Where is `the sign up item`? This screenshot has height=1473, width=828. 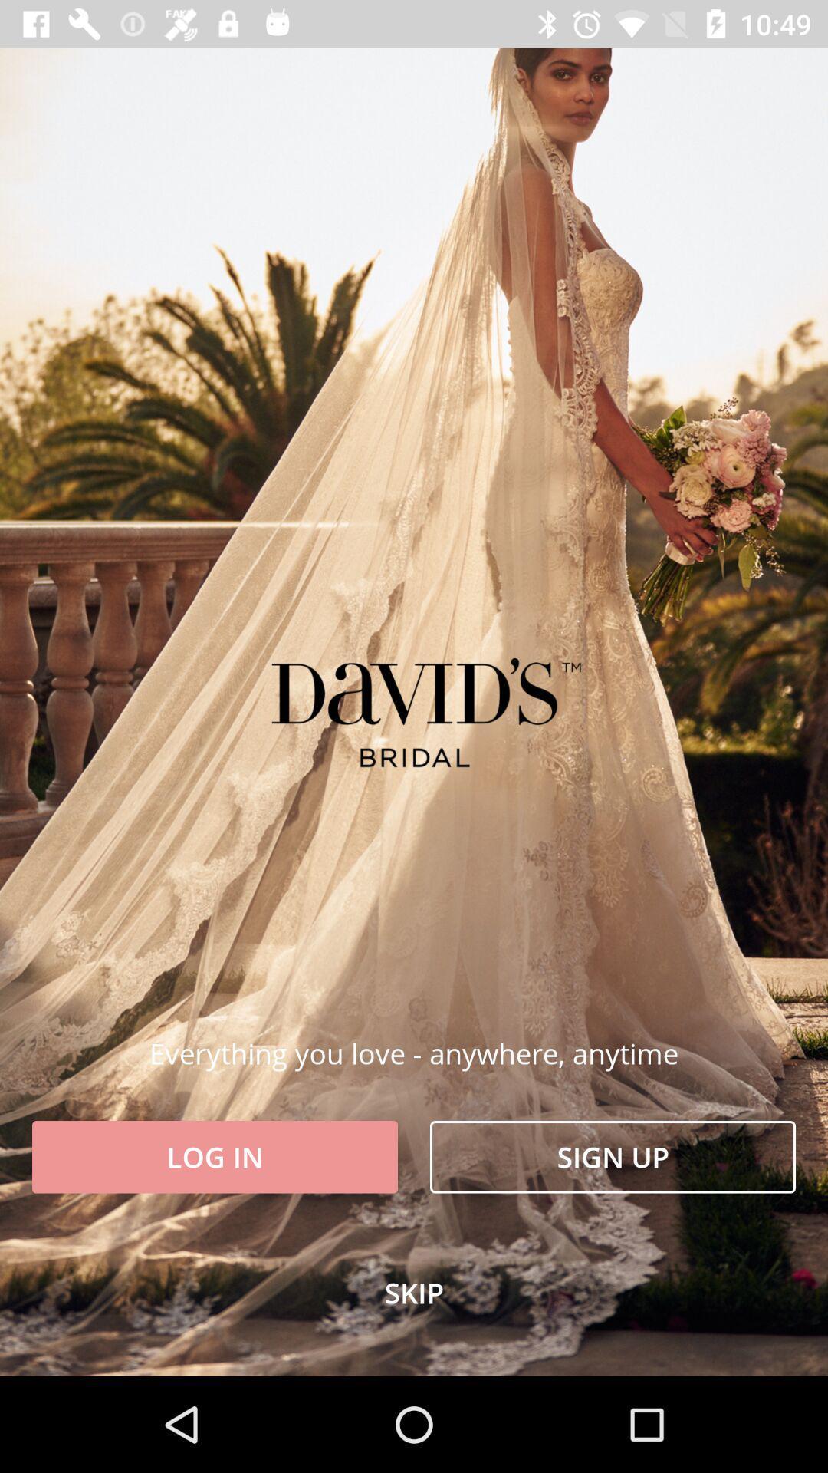
the sign up item is located at coordinates (612, 1157).